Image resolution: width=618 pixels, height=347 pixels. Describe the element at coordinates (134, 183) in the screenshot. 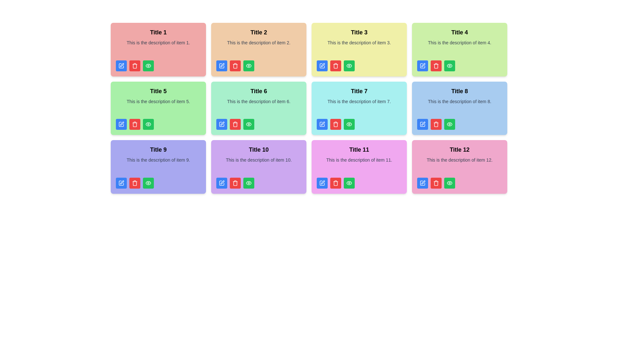

I see `the interactive trash icon, which is the second icon from the left in the bottom row of buttons within the card titled 'Title 9', to initiate the delete function` at that location.